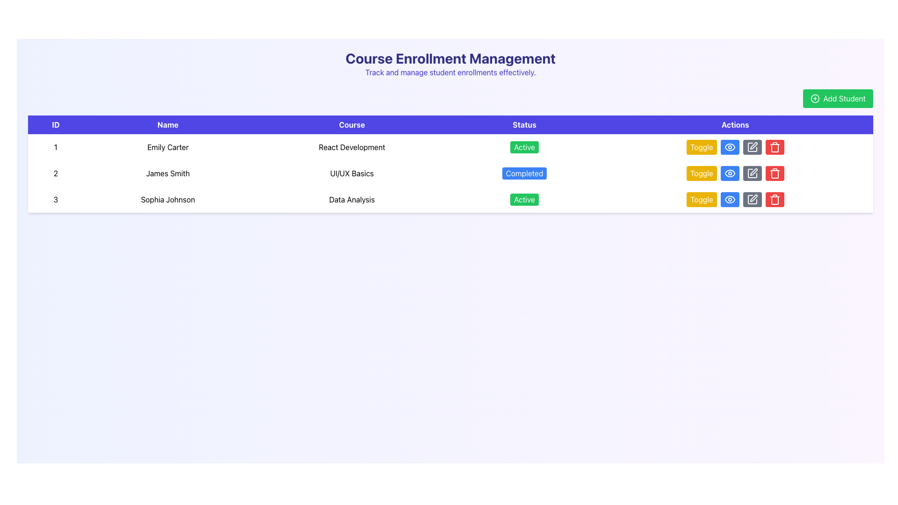 This screenshot has width=898, height=505. What do you see at coordinates (450, 147) in the screenshot?
I see `details of the first row in the Course Enrollment Management table, which displays course enrollment details including ID, name, course, and status` at bounding box center [450, 147].